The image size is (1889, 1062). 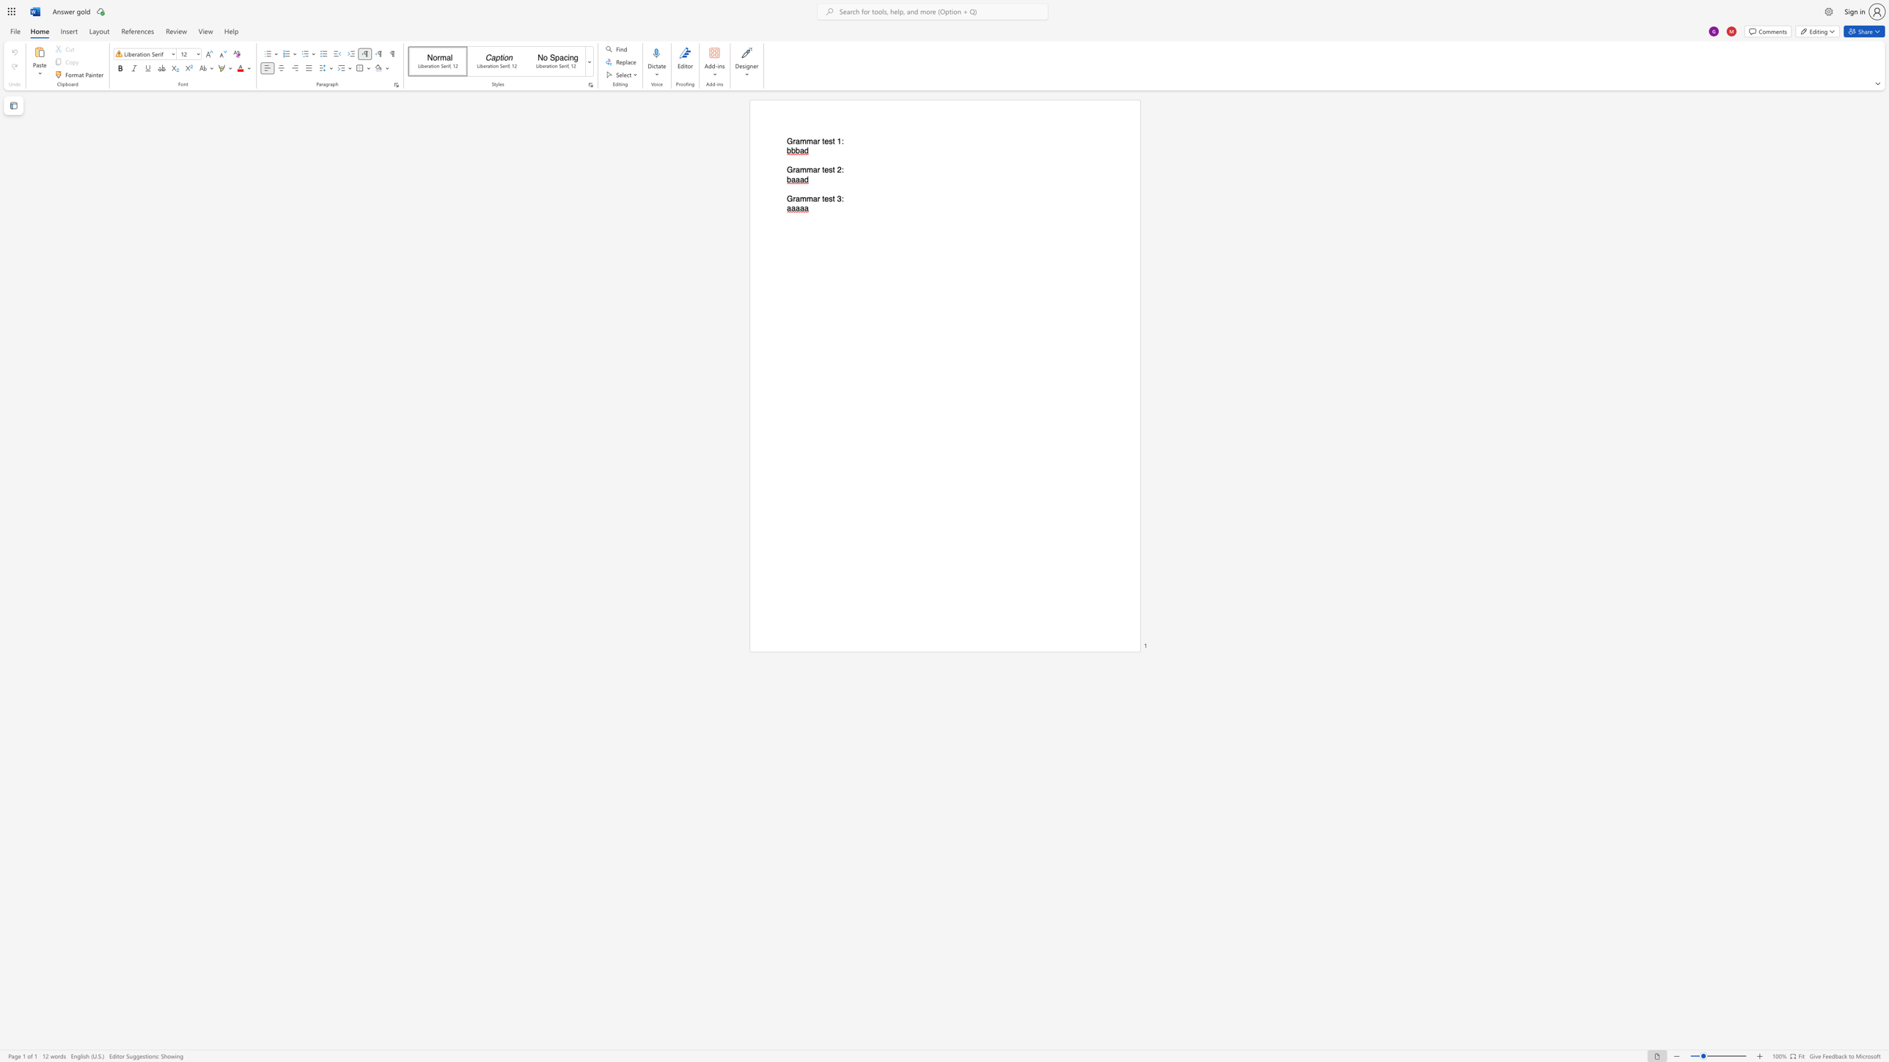 What do you see at coordinates (818, 199) in the screenshot?
I see `the 2th character "r" in the text` at bounding box center [818, 199].